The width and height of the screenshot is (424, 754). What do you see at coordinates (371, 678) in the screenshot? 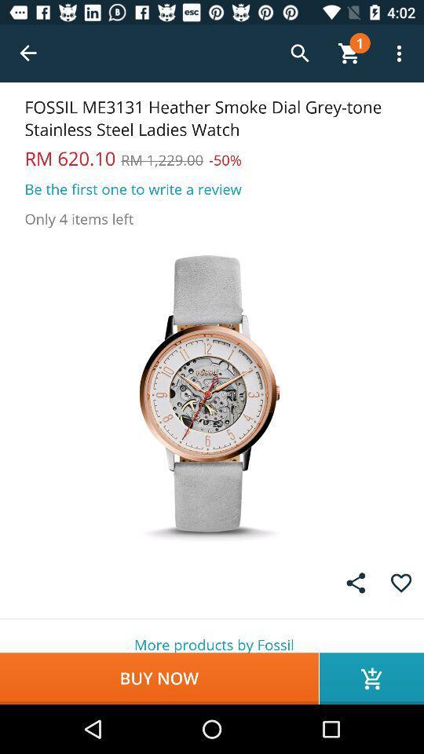
I see `icon below more products by icon` at bounding box center [371, 678].